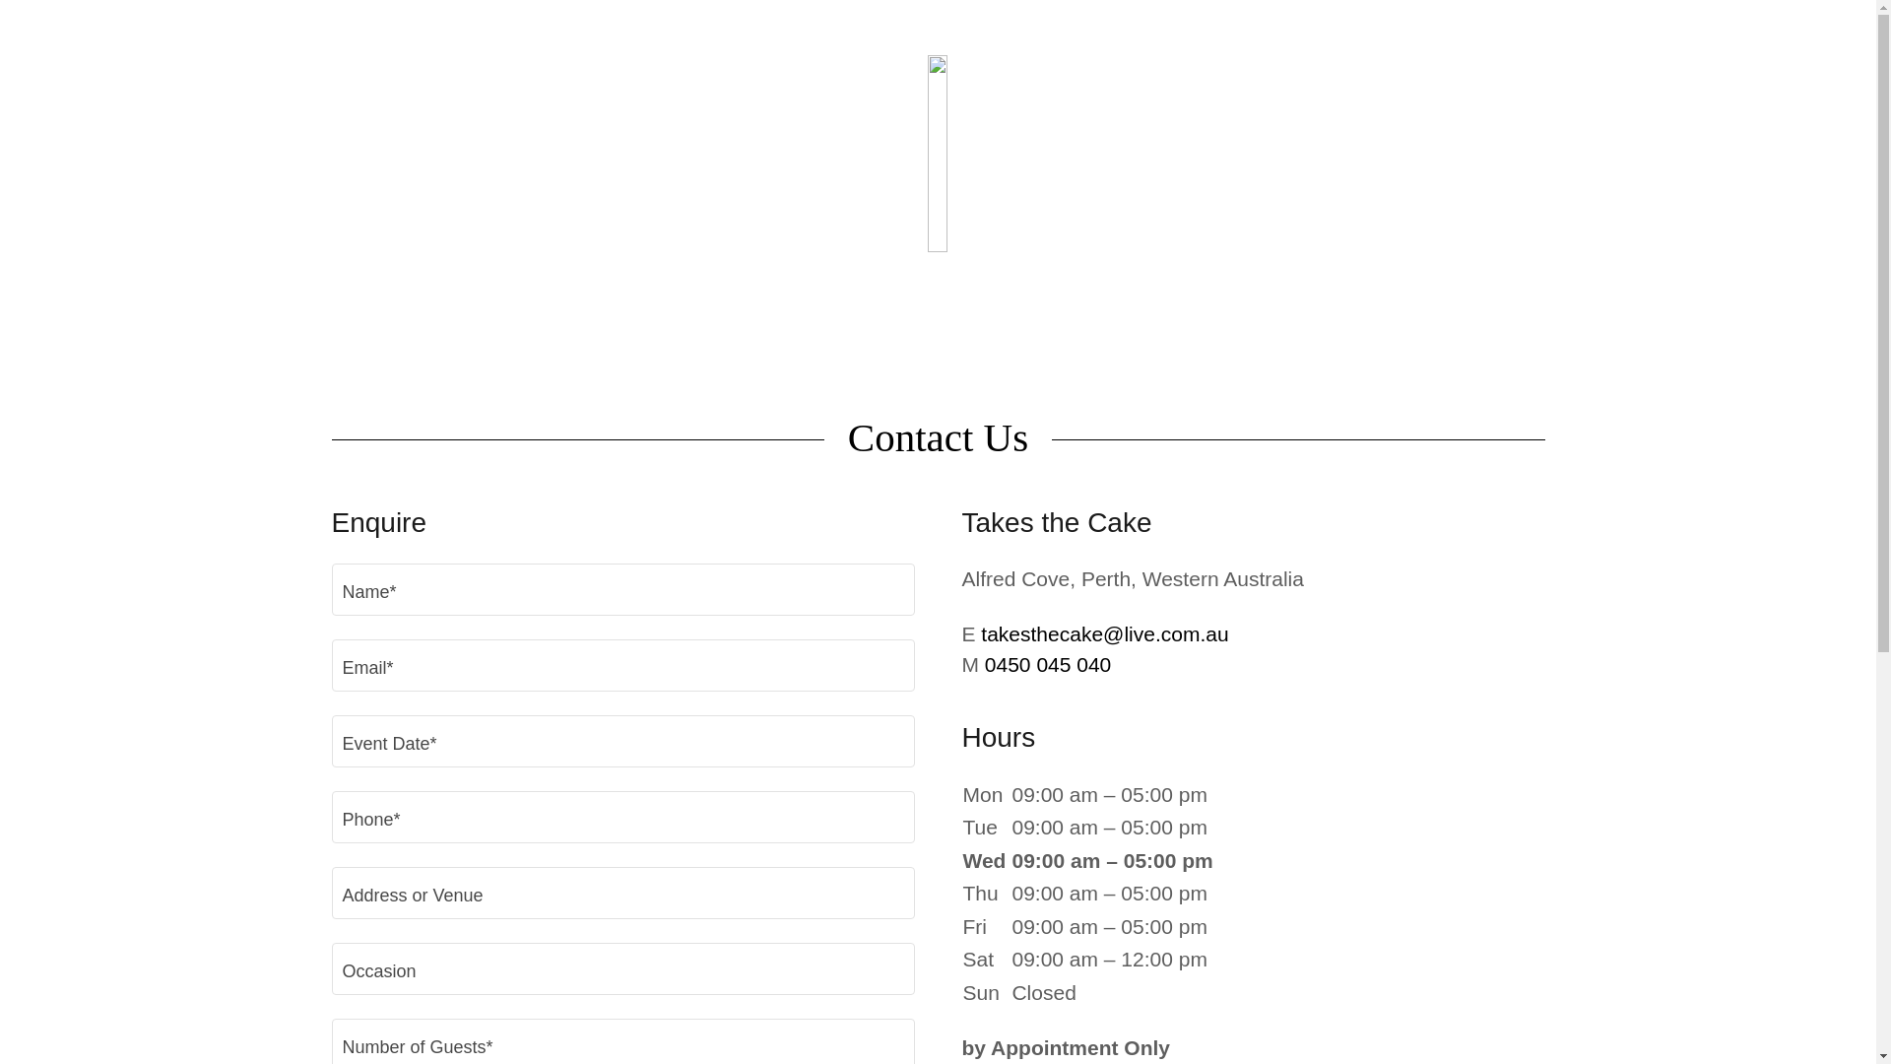  What do you see at coordinates (984, 664) in the screenshot?
I see `'0450 045 040'` at bounding box center [984, 664].